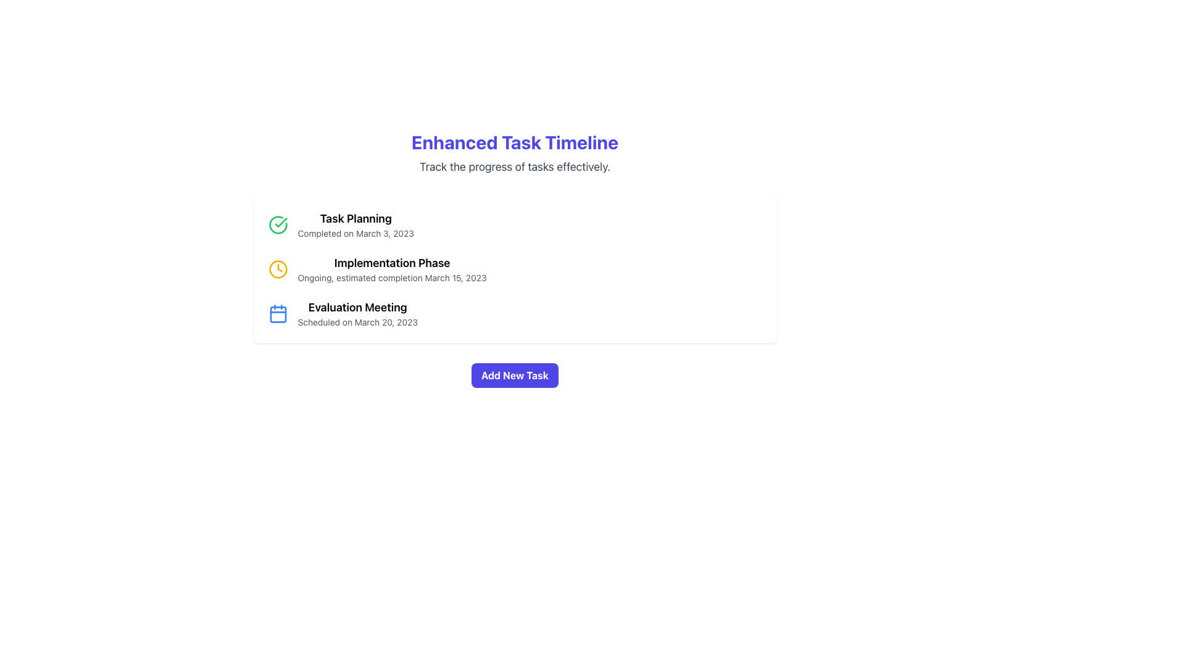 The image size is (1185, 666). What do you see at coordinates (277, 313) in the screenshot?
I see `the icon representing the scheduled meeting for the 'Evaluation Meeting' task, located to the left of the text 'Evaluation Meeting' and 'Scheduled on March 20, 2023'` at bounding box center [277, 313].